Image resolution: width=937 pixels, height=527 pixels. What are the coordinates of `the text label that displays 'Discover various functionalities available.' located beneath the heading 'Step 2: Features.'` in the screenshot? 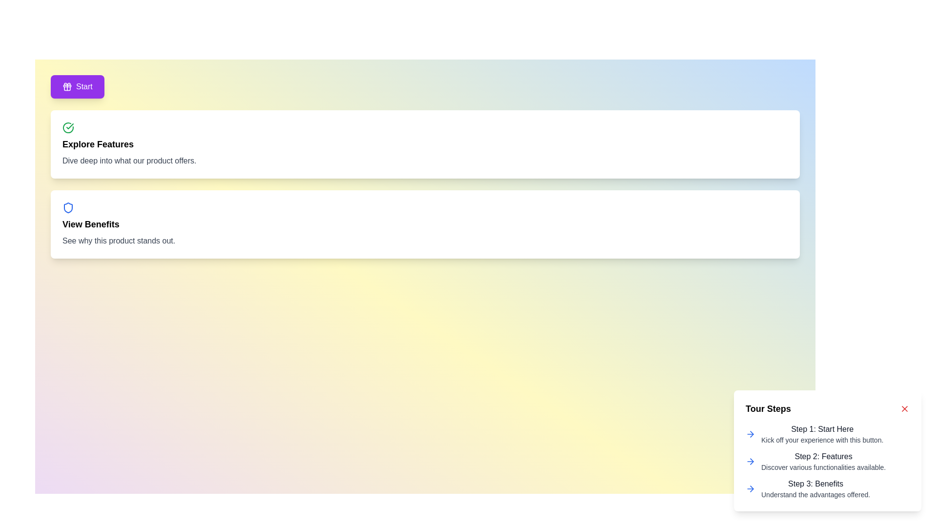 It's located at (823, 466).